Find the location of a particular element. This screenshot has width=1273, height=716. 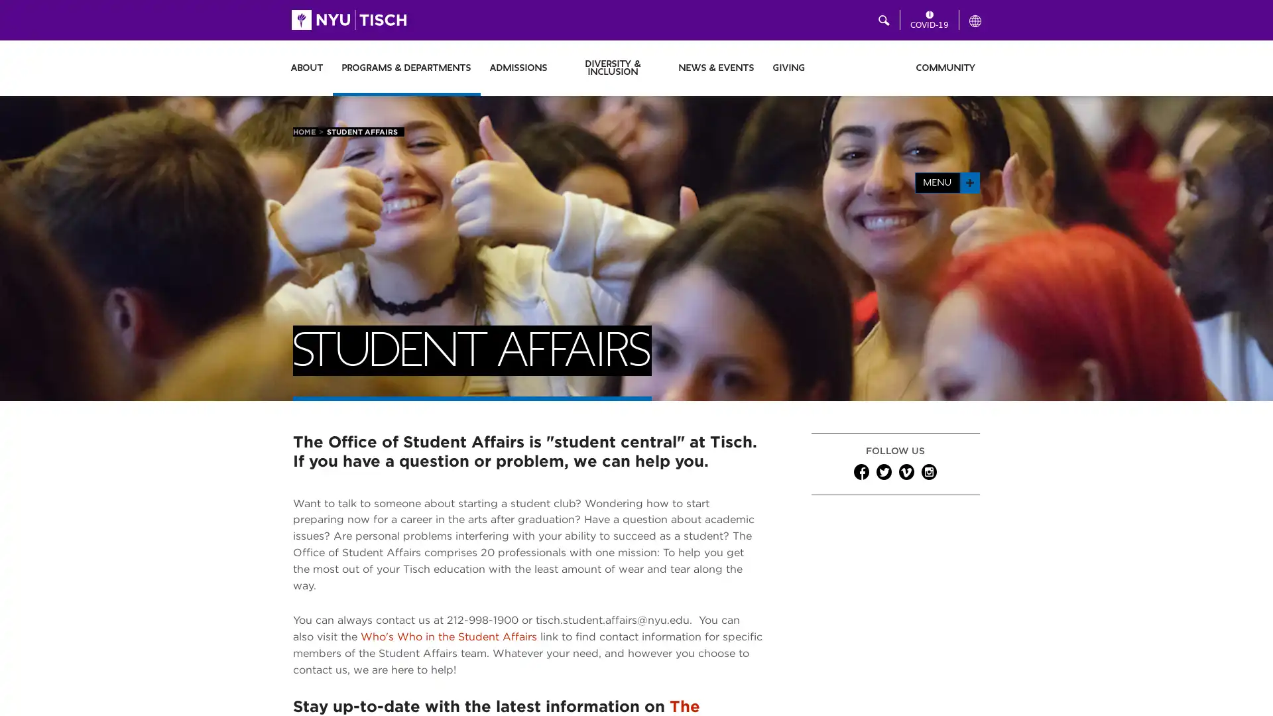

Search is located at coordinates (813, 20).